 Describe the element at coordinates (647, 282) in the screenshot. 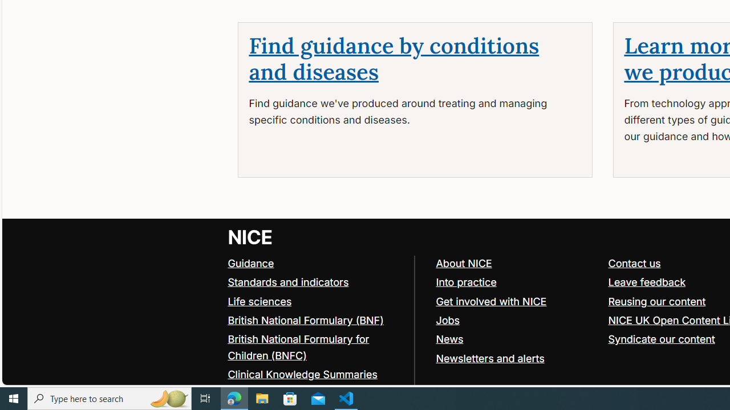

I see `'Leave feedback'` at that location.